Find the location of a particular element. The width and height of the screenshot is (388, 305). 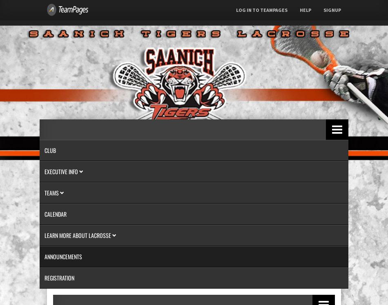

'Club' is located at coordinates (50, 150).